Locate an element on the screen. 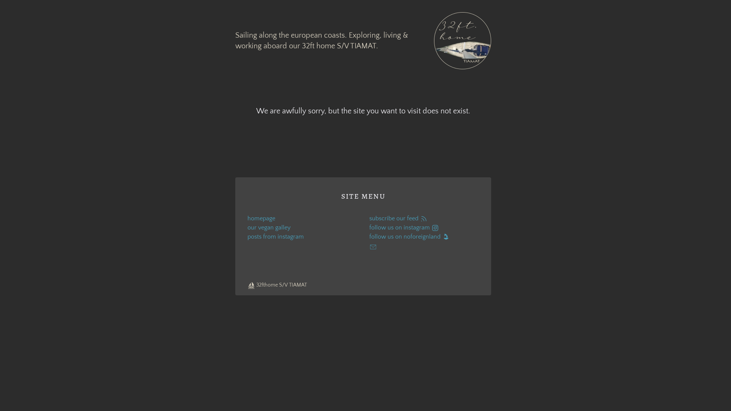 Image resolution: width=731 pixels, height=411 pixels. 'follow us on noforeignland' is located at coordinates (423, 236).